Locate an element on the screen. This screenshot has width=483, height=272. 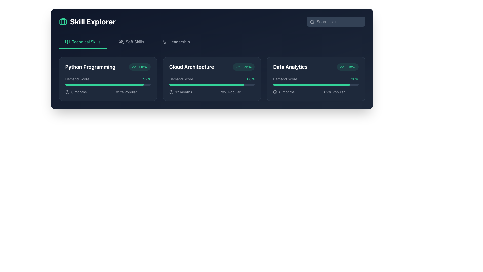
the horizontal progress bar within the 'Cloud Architecture' card under the 'Demand Score' label, which is styled with rounded ends and a smooth filling effect is located at coordinates (207, 84).